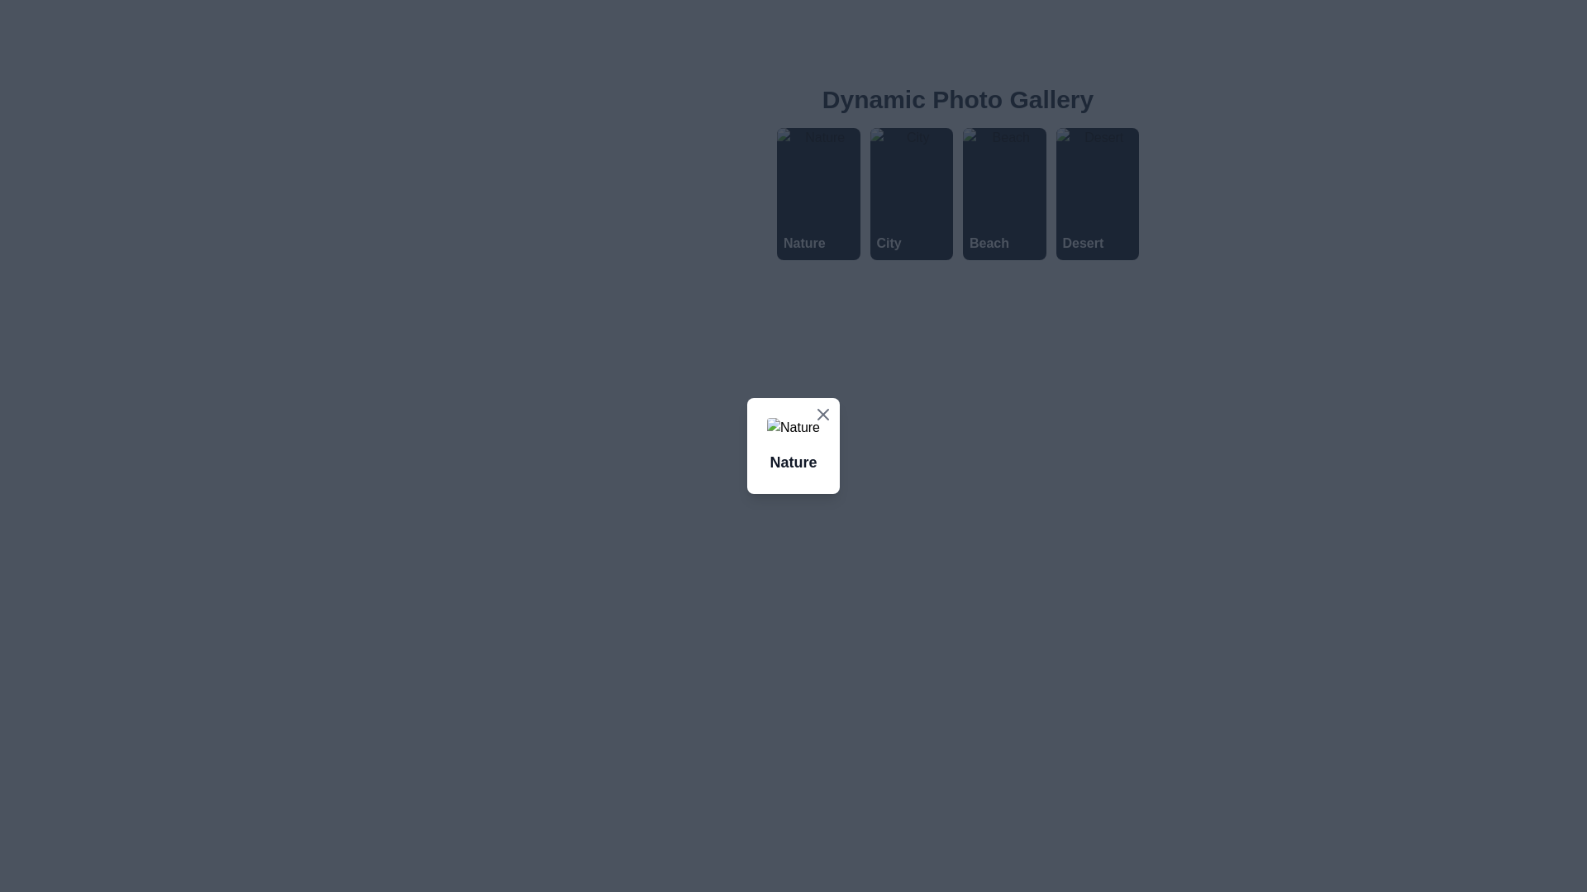 This screenshot has width=1587, height=892. I want to click on the clickable card labeled 'City', which is the second card in the grid of four cards in the 'Dynamic Photo Gallery' section, so click(910, 193).